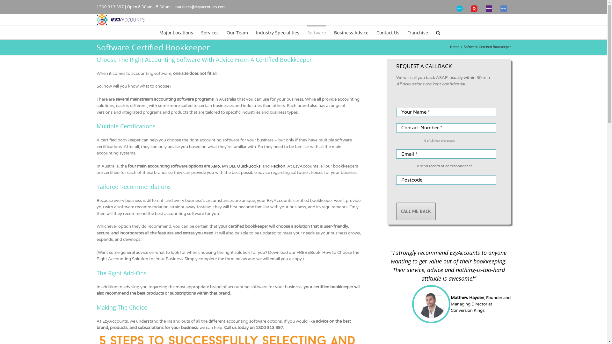  I want to click on 'Contact Us', so click(376, 32).